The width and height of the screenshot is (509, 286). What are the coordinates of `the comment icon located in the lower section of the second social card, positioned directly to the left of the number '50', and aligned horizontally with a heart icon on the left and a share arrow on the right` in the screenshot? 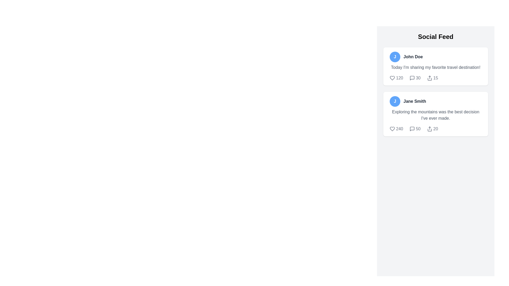 It's located at (412, 129).